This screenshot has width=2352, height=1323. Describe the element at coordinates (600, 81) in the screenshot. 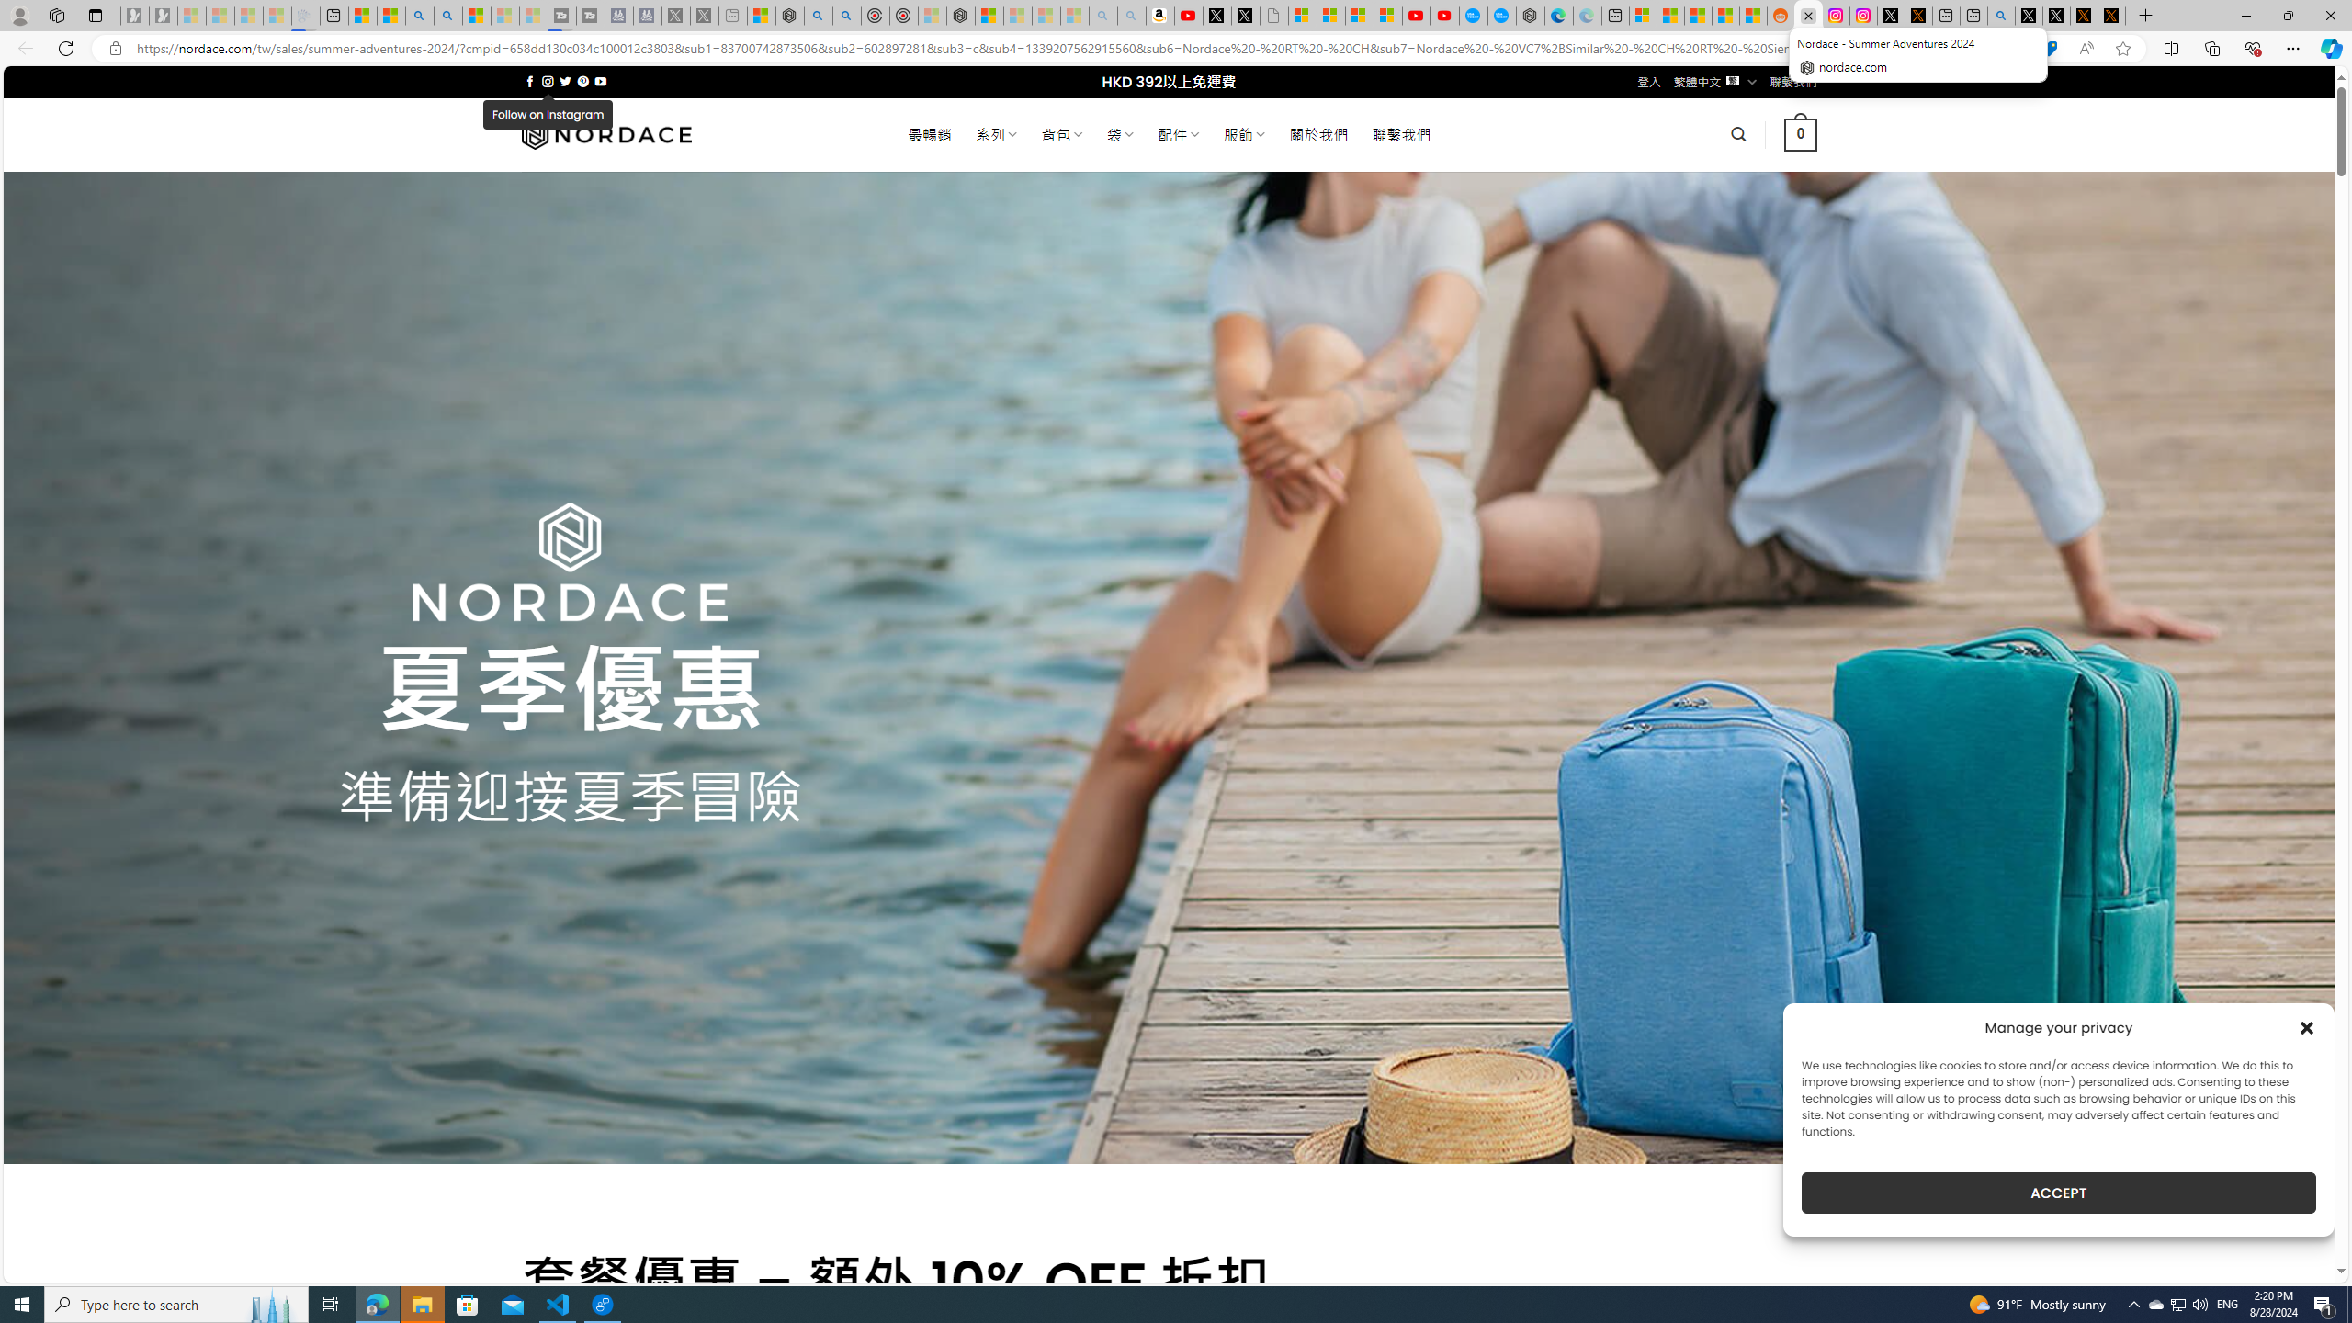

I see `'Follow on YouTube'` at that location.